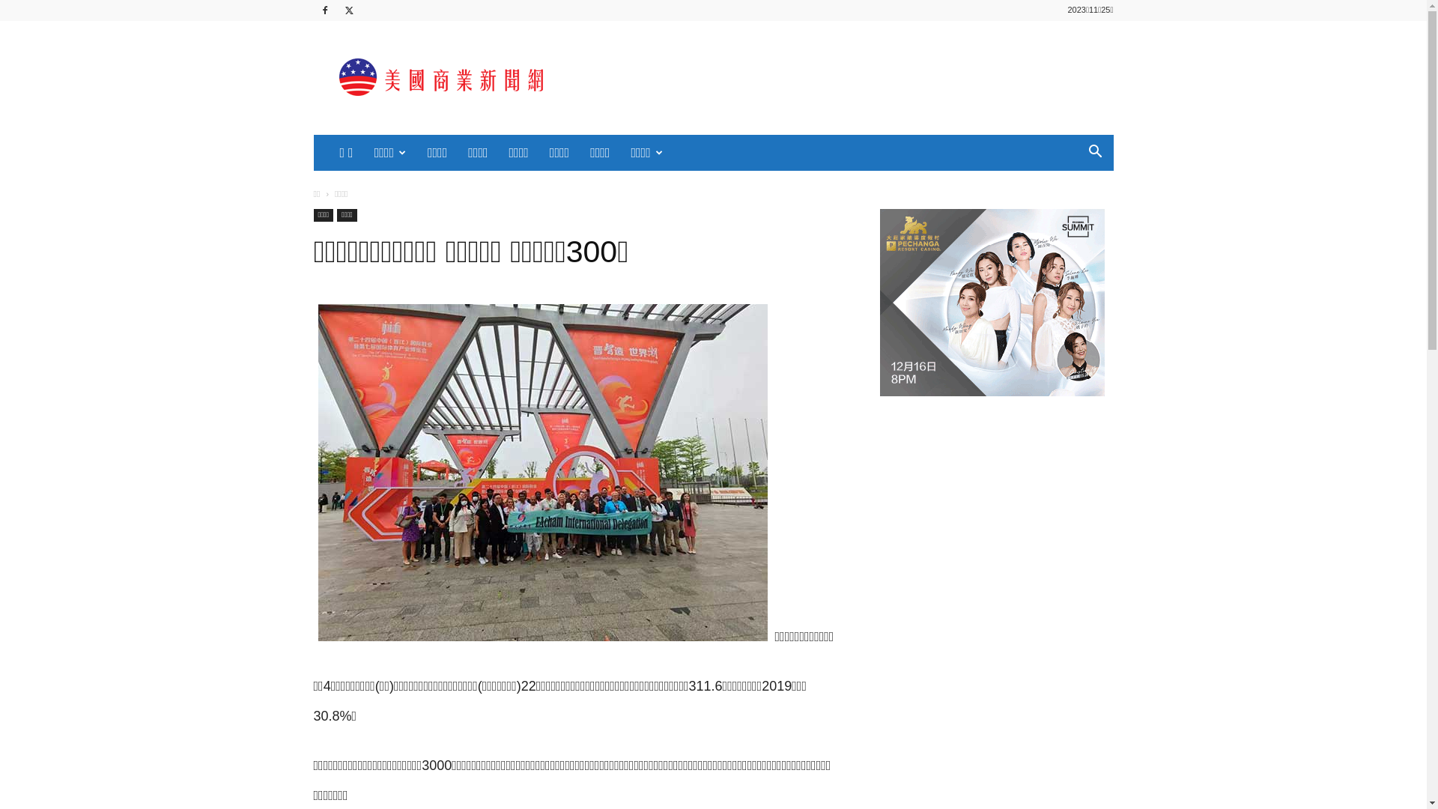  I want to click on 'Facebook', so click(312, 10).